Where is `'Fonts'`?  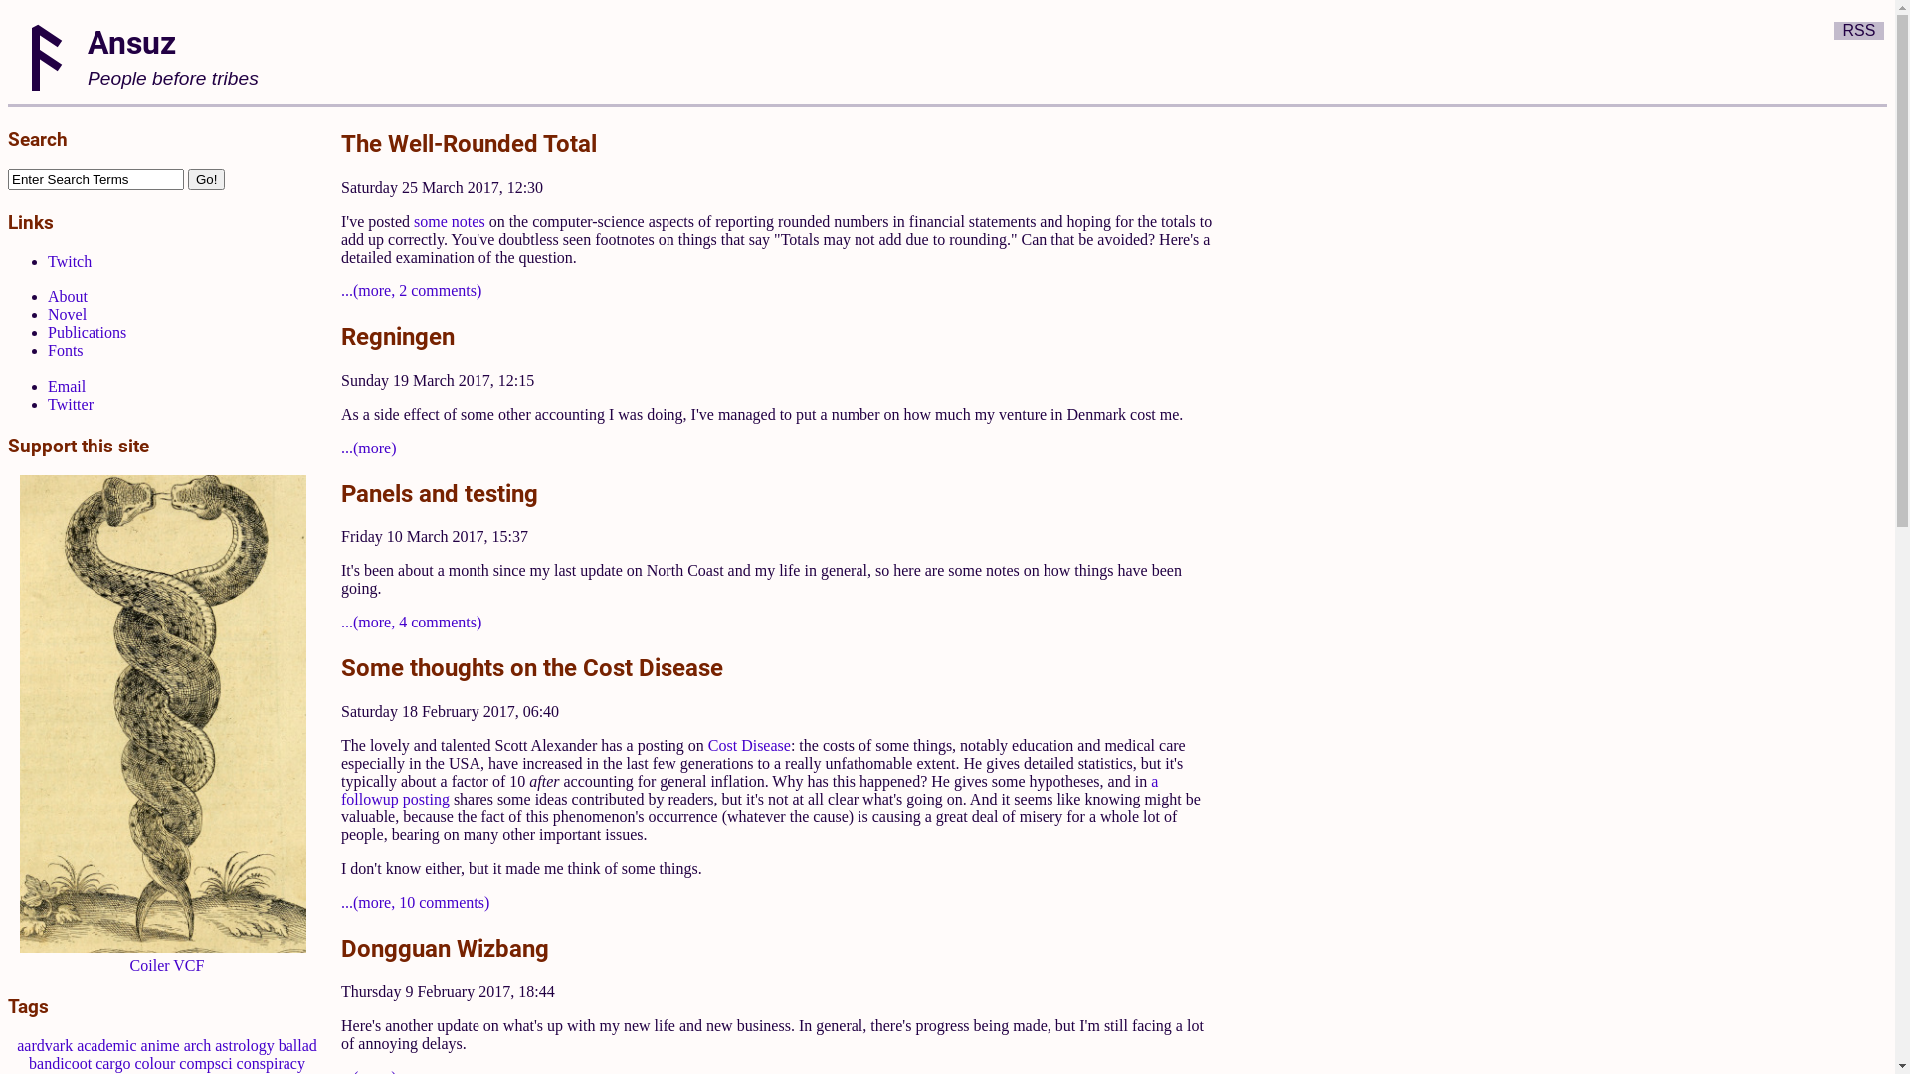
'Fonts' is located at coordinates (66, 349).